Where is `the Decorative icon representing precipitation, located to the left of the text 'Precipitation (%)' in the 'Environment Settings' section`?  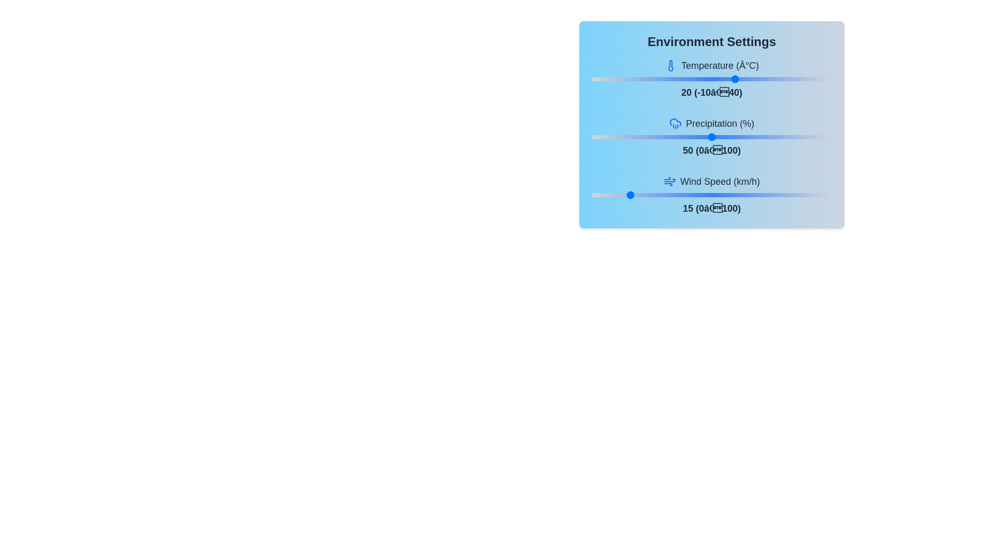 the Decorative icon representing precipitation, located to the left of the text 'Precipitation (%)' in the 'Environment Settings' section is located at coordinates (676, 122).